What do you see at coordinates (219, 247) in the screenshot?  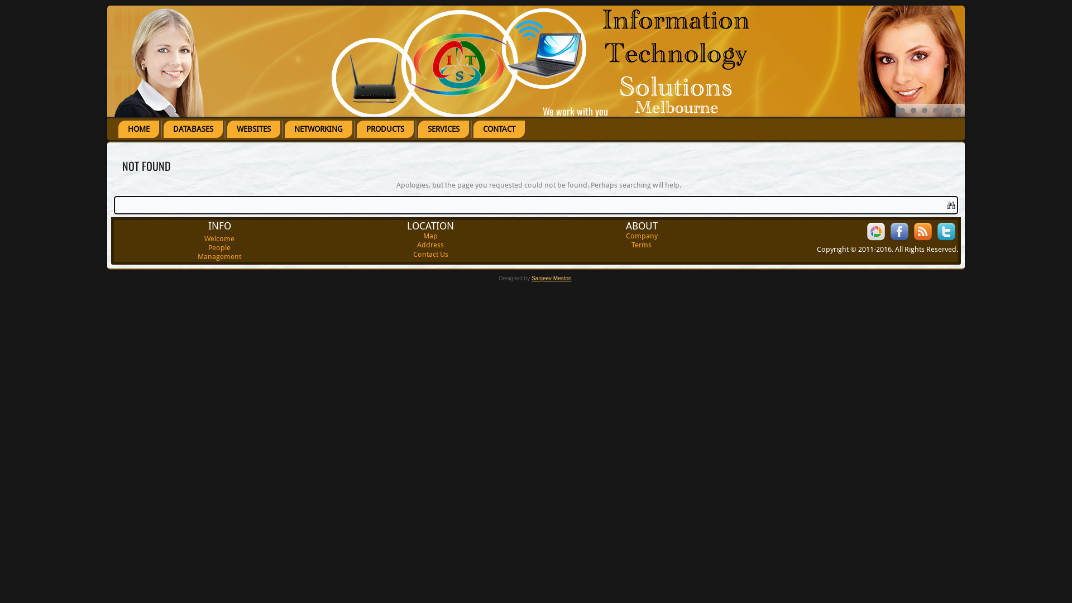 I see `'People'` at bounding box center [219, 247].